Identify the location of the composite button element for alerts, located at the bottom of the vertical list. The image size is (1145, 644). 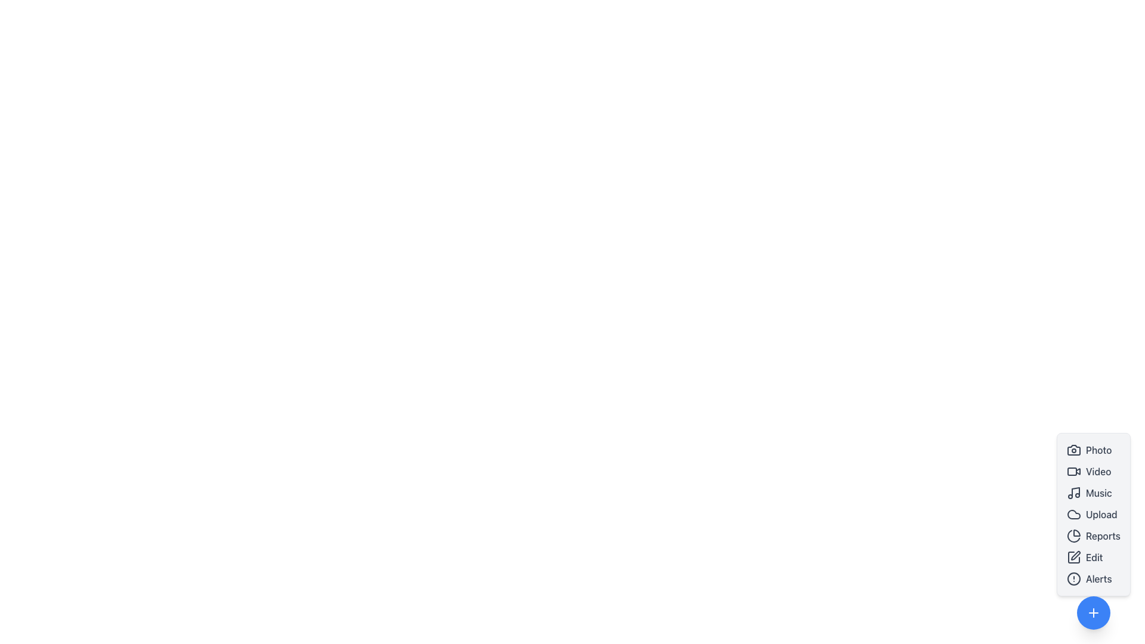
(1089, 578).